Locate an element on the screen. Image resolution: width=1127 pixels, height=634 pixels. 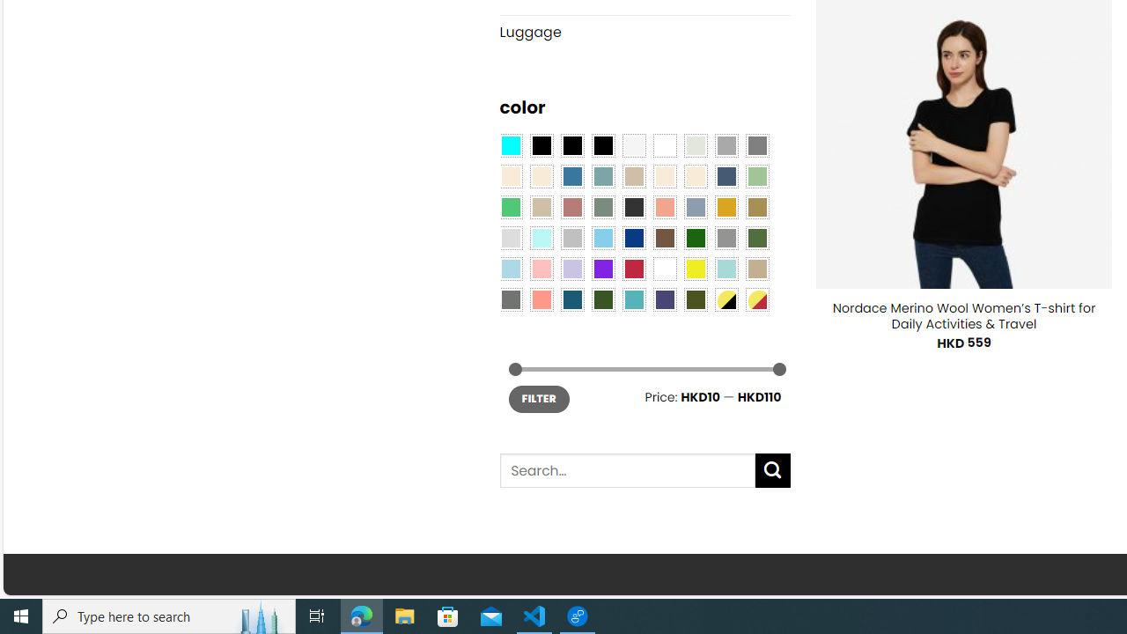
'Emerald Green' is located at coordinates (509, 205).